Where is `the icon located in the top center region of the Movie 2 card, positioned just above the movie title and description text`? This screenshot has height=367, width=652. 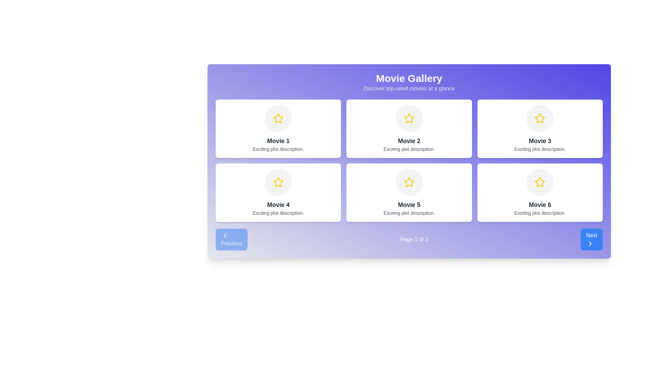 the icon located in the top center region of the Movie 2 card, positioned just above the movie title and description text is located at coordinates (409, 118).